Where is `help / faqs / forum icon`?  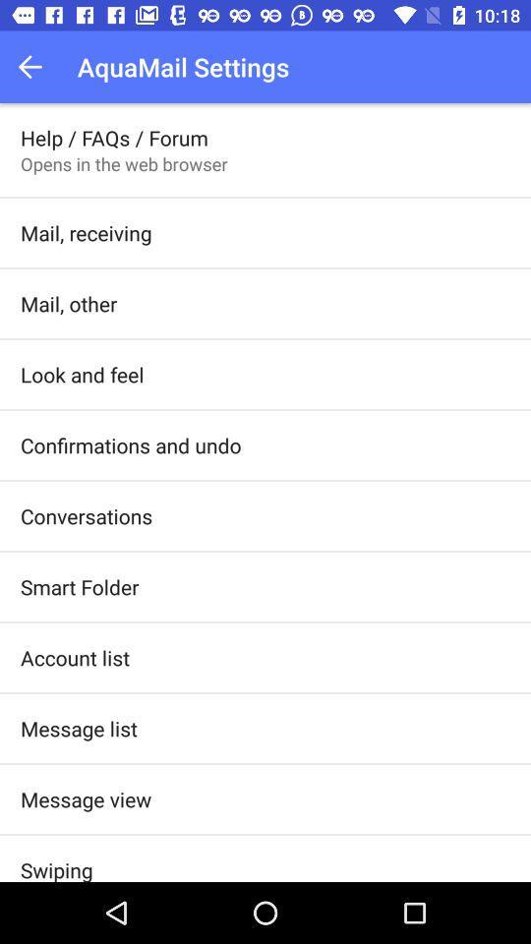
help / faqs / forum icon is located at coordinates (114, 137).